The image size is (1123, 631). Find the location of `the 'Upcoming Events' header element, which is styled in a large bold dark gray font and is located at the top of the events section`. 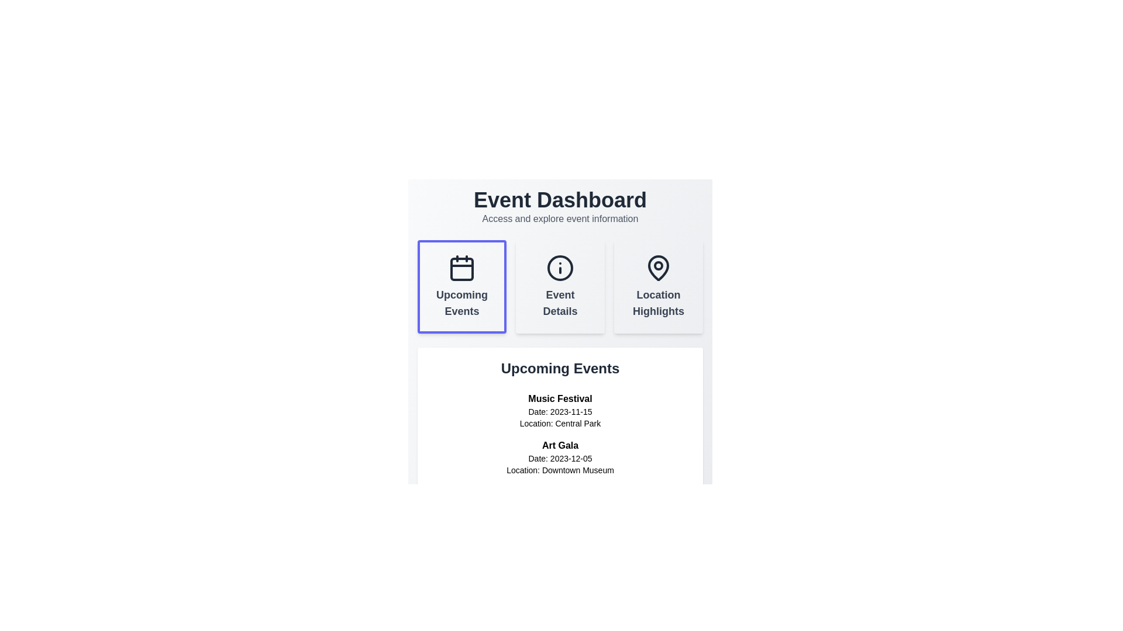

the 'Upcoming Events' header element, which is styled in a large bold dark gray font and is located at the top of the events section is located at coordinates (560, 369).